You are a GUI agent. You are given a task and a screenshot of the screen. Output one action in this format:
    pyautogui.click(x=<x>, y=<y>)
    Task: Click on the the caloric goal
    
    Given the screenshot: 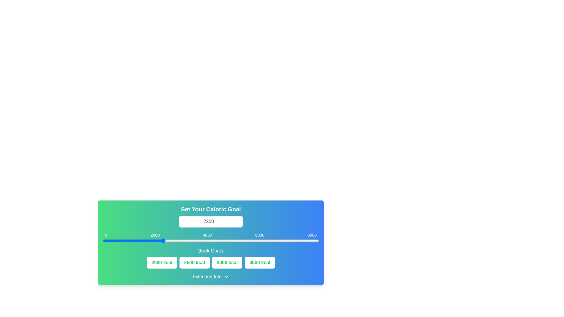 What is the action you would take?
    pyautogui.click(x=132, y=241)
    